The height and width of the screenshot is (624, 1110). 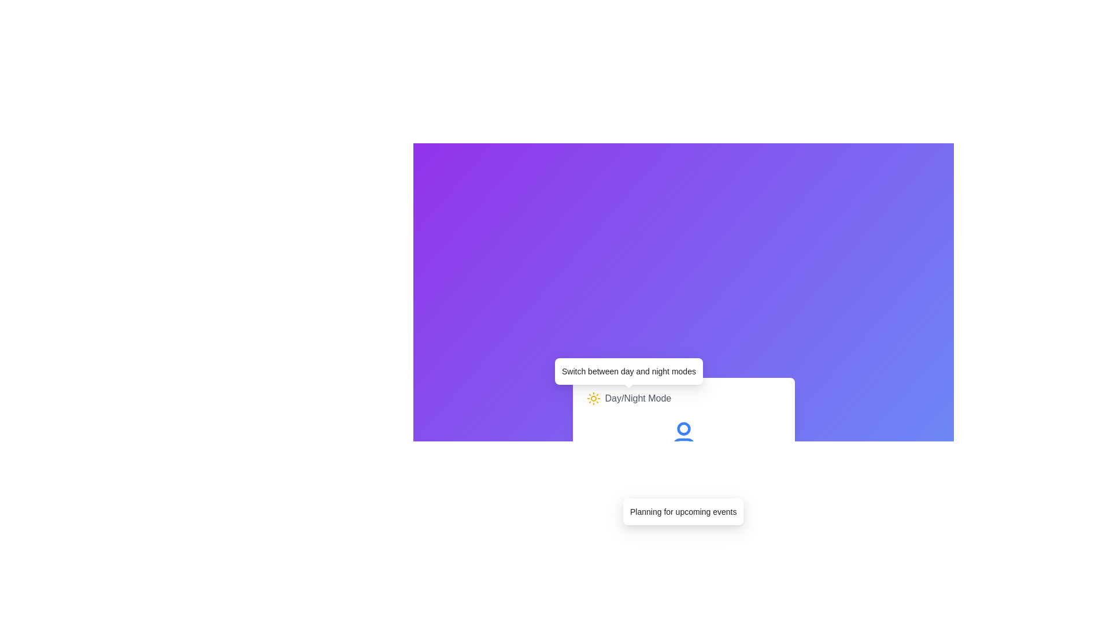 What do you see at coordinates (628, 398) in the screenshot?
I see `the 'Day/Night Mode' text label with icon` at bounding box center [628, 398].